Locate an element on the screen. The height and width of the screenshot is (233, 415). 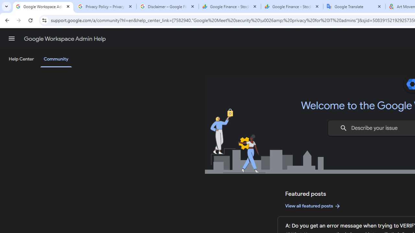
'Google Workspace Admin Community' is located at coordinates (43, 6).